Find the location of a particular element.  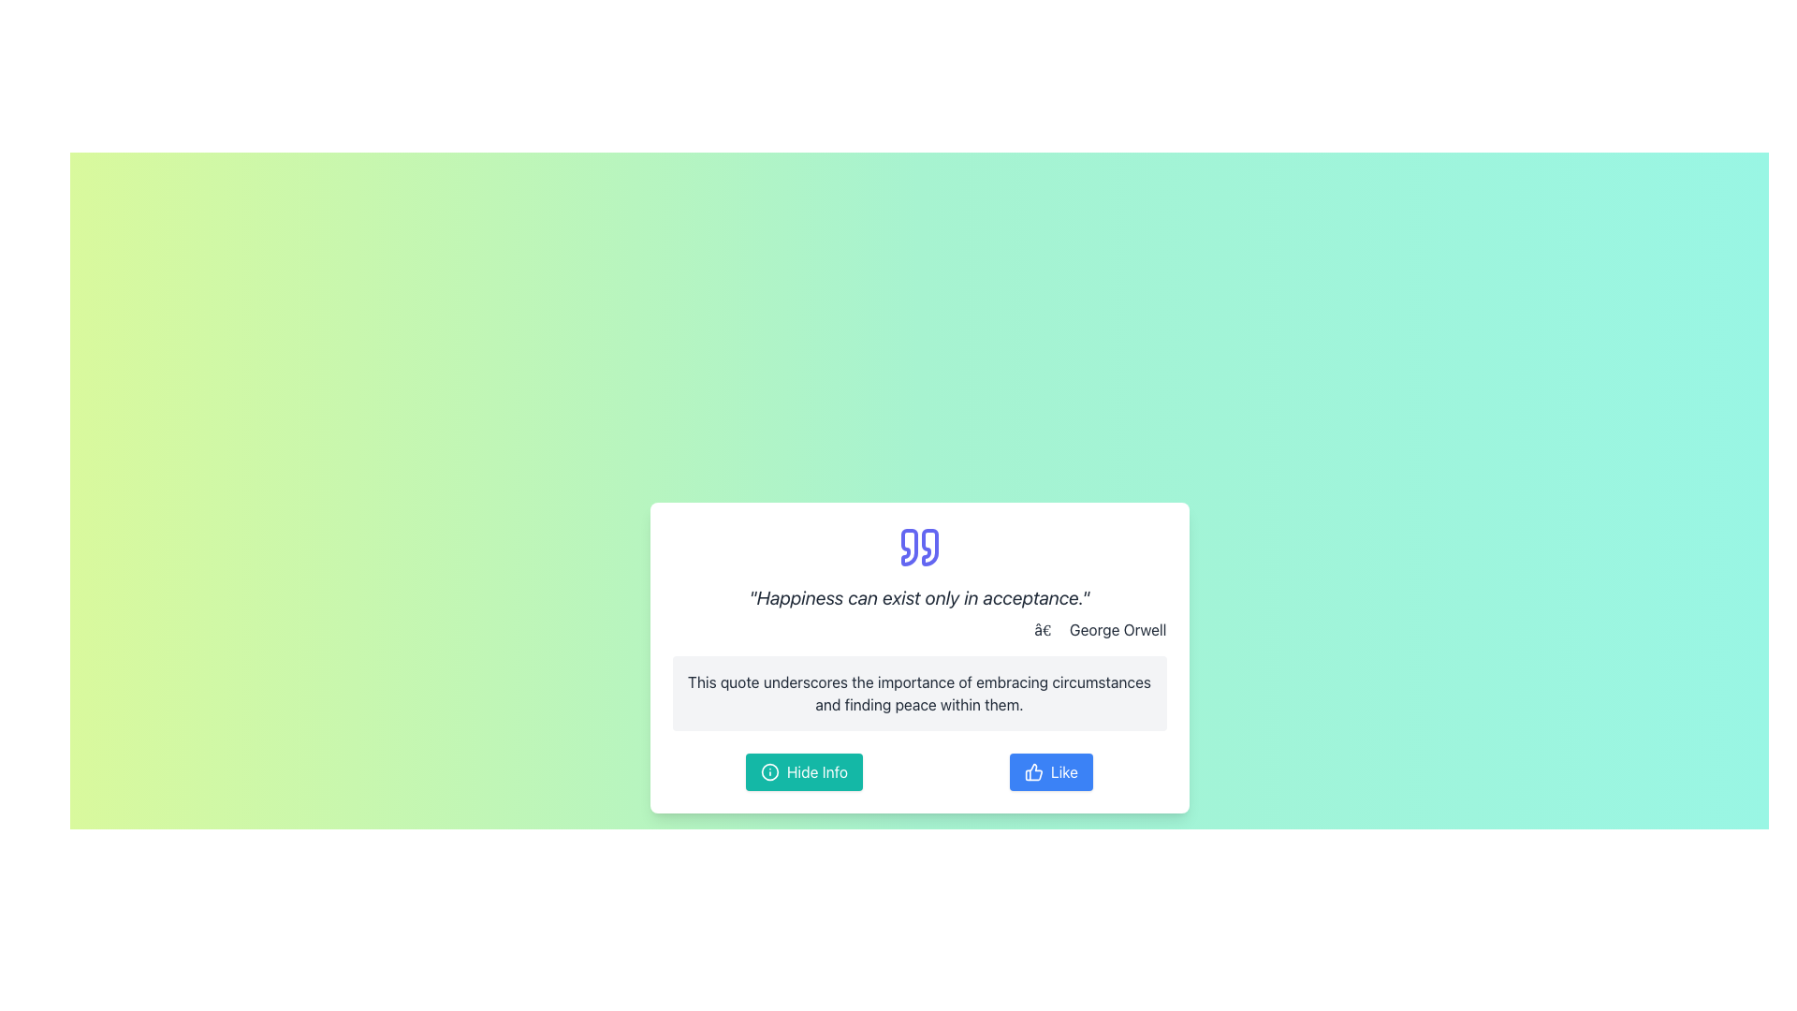

quote displayed in the italicized text label that states 'Happiness can exist only in acceptance.' is located at coordinates (919, 598).